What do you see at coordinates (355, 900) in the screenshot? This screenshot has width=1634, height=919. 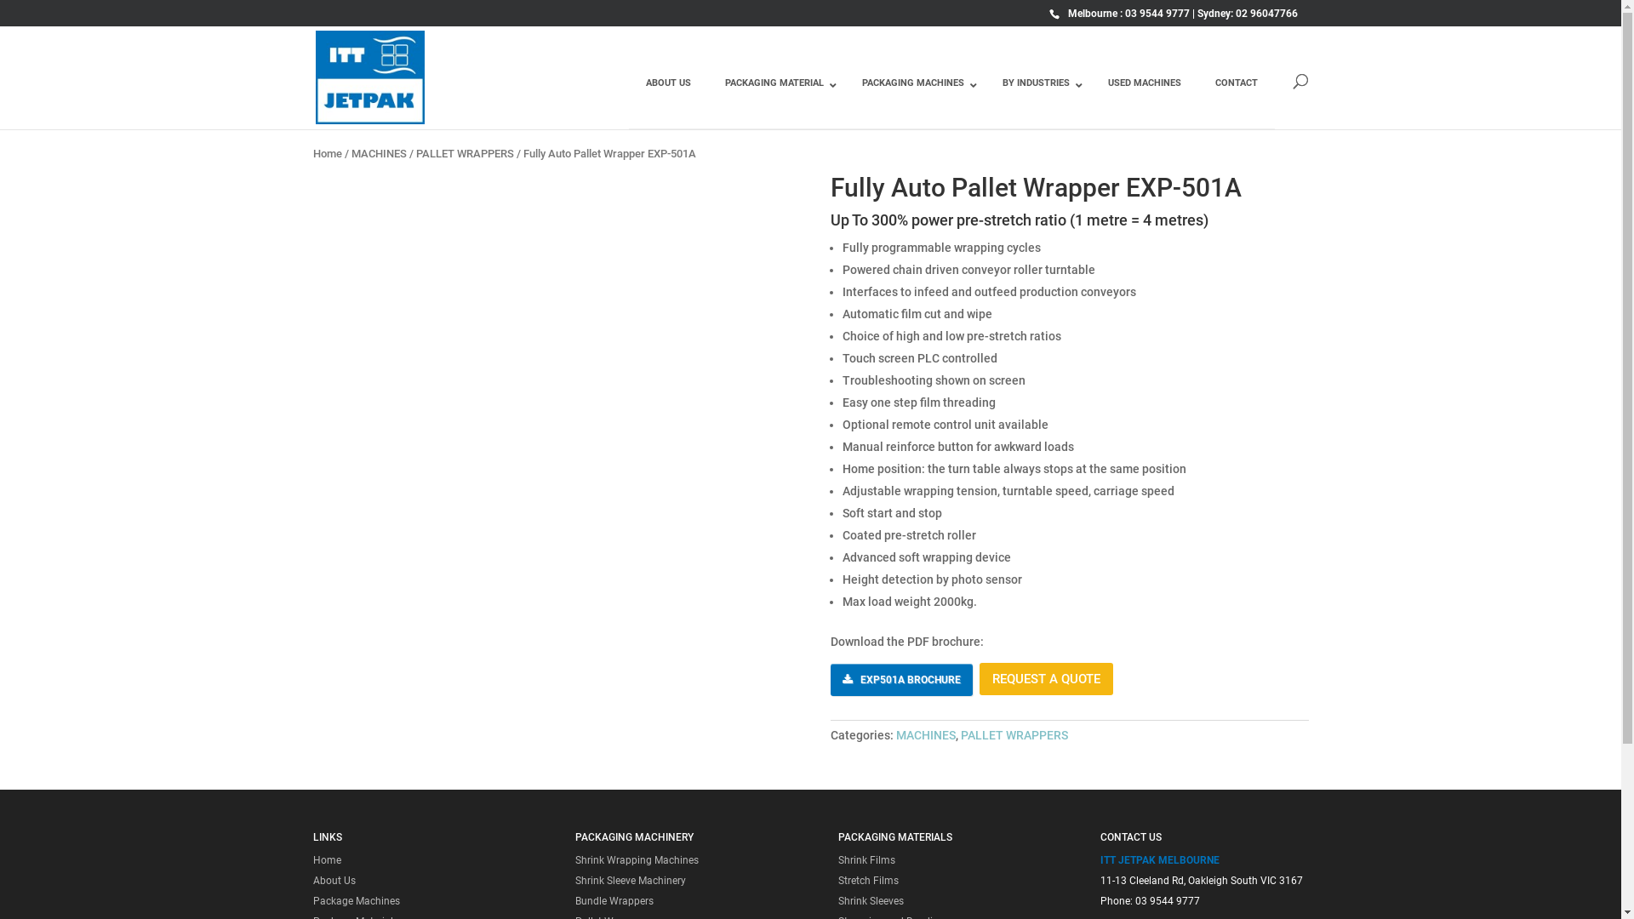 I see `'Package Machines'` at bounding box center [355, 900].